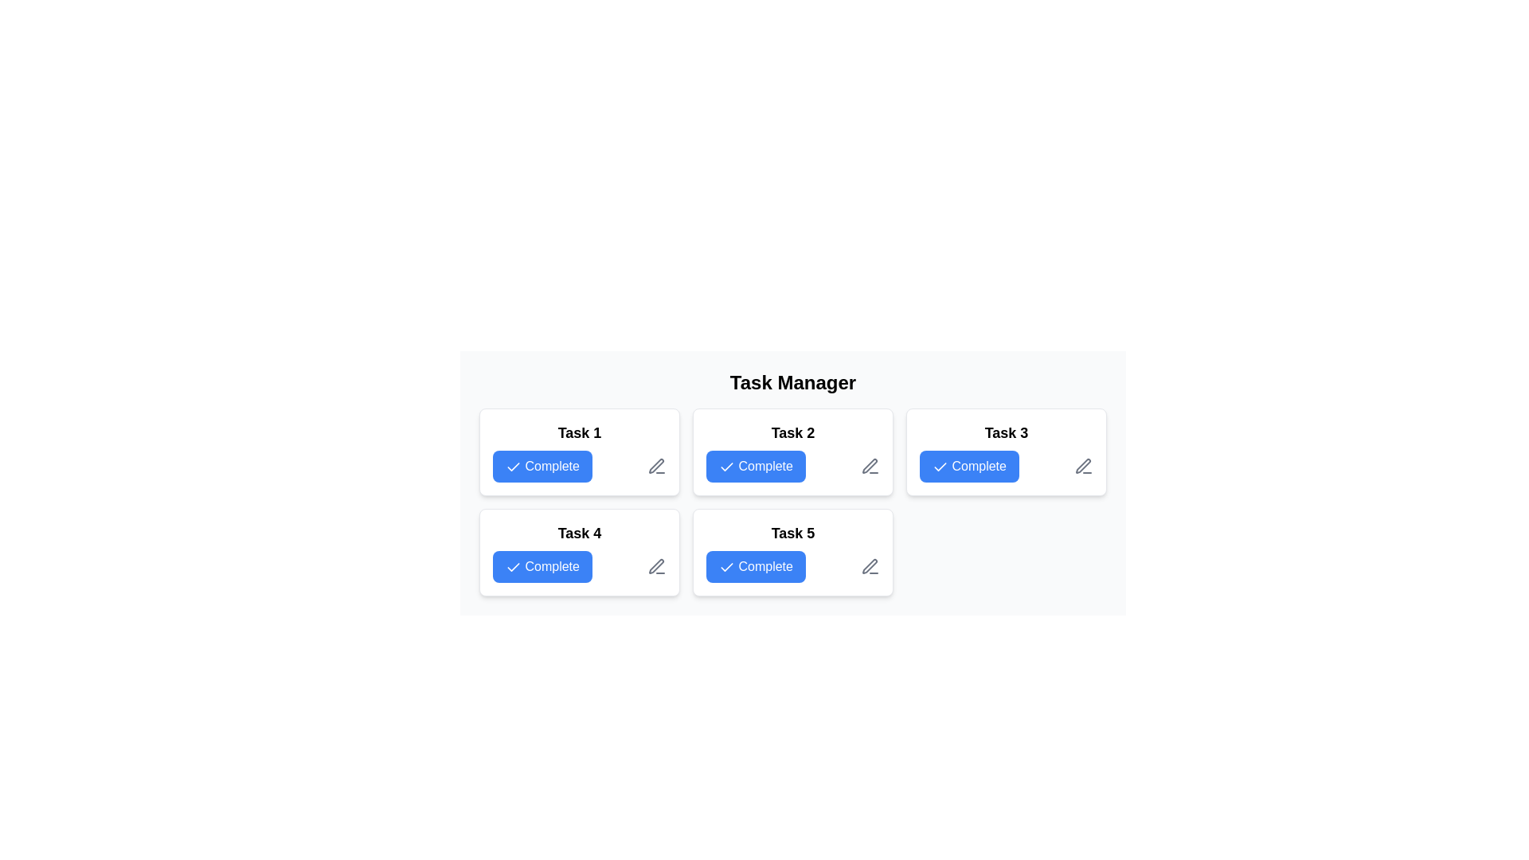 The image size is (1529, 860). I want to click on the Complete button on the task card located in the top-right section of the grid to mark the task as completed, so click(1005, 451).